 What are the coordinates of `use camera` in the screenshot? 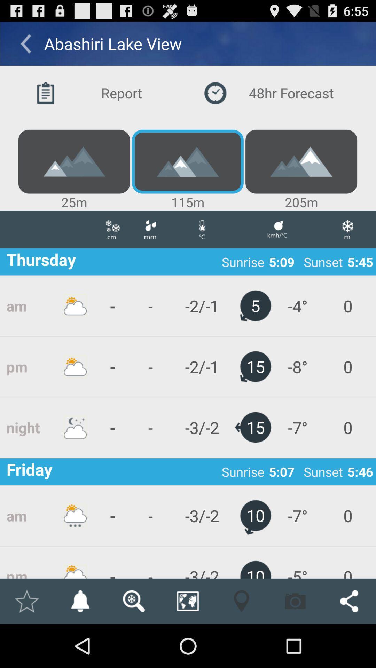 It's located at (295, 601).